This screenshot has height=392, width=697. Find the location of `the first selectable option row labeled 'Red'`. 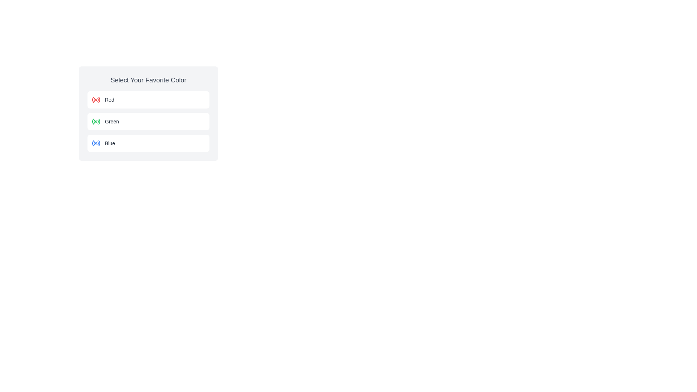

the first selectable option row labeled 'Red' is located at coordinates (148, 99).